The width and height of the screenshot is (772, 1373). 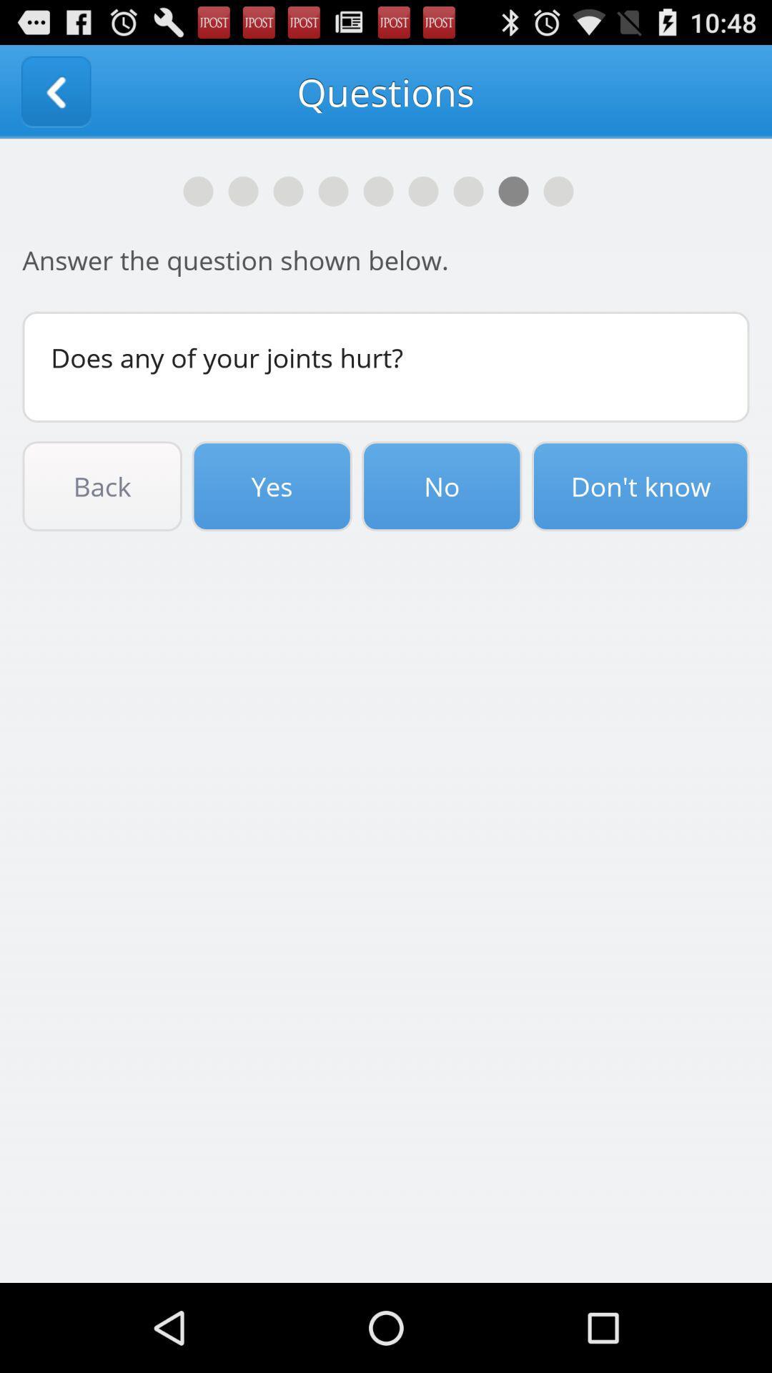 I want to click on go back, so click(x=55, y=91).